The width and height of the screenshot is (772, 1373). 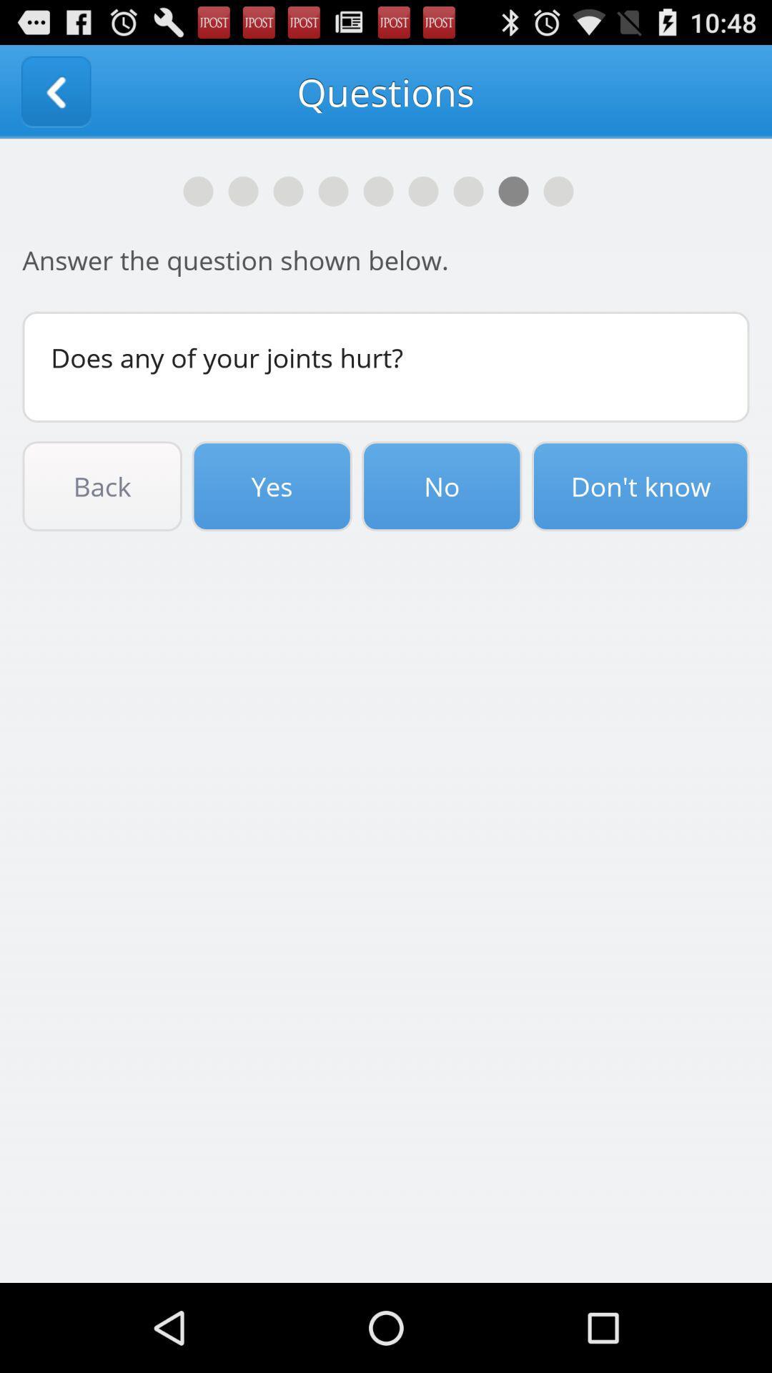 I want to click on go back, so click(x=55, y=91).